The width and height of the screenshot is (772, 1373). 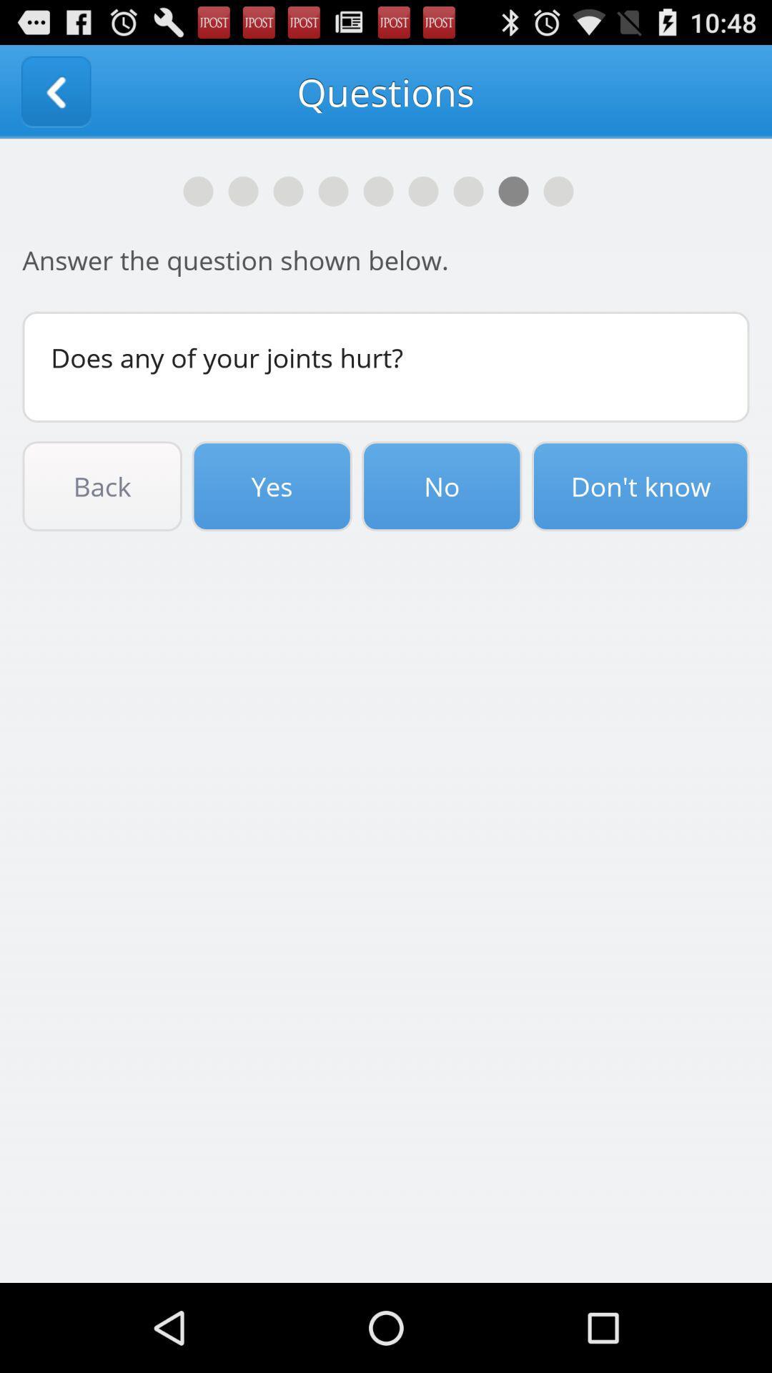 I want to click on go back, so click(x=55, y=91).